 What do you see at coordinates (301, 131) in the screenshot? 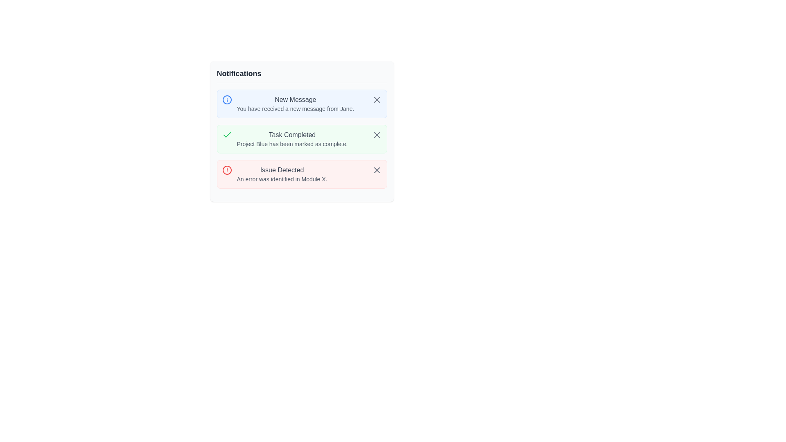
I see `text content of the Notification card informing about the completed task related to 'Project Blue.' This card is the second item in a stack of three notifications` at bounding box center [301, 131].